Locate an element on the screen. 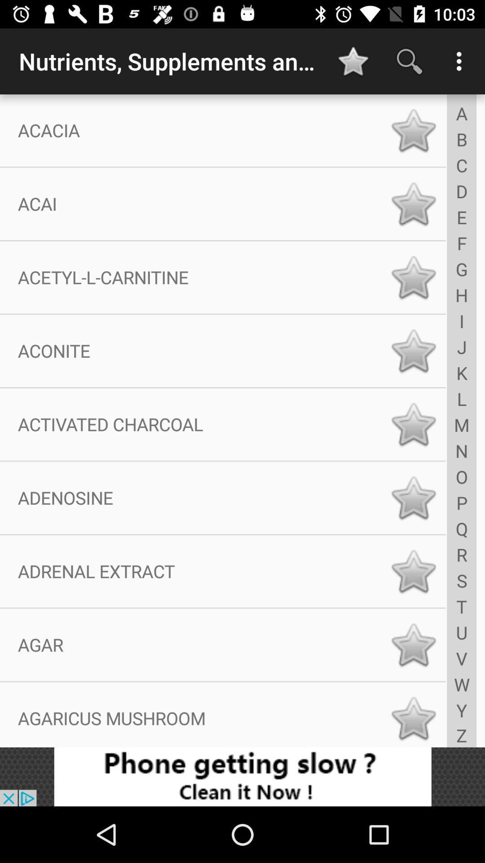  favorite is located at coordinates (413, 424).